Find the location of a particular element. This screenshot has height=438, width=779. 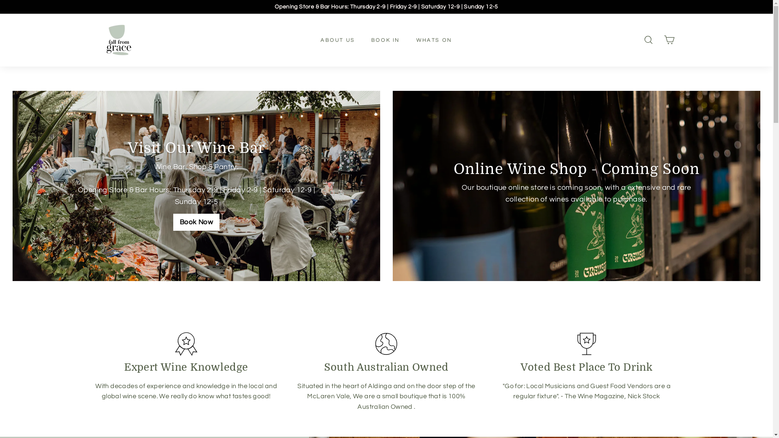

'SEARCH' is located at coordinates (648, 40).